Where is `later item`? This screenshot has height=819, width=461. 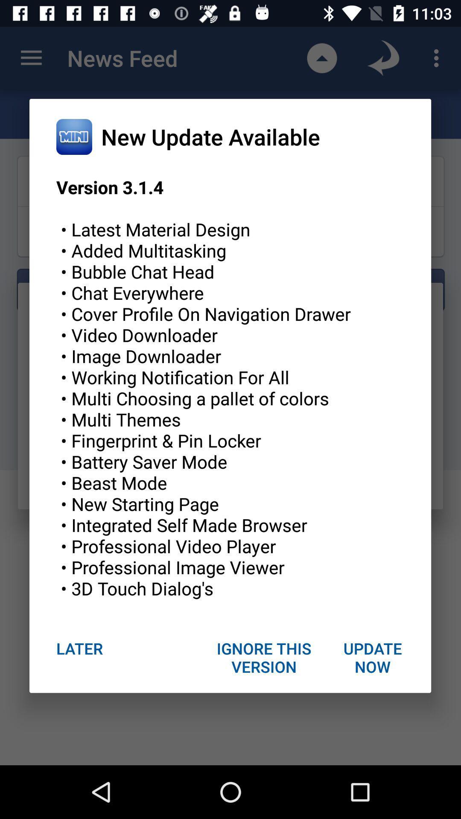 later item is located at coordinates (79, 648).